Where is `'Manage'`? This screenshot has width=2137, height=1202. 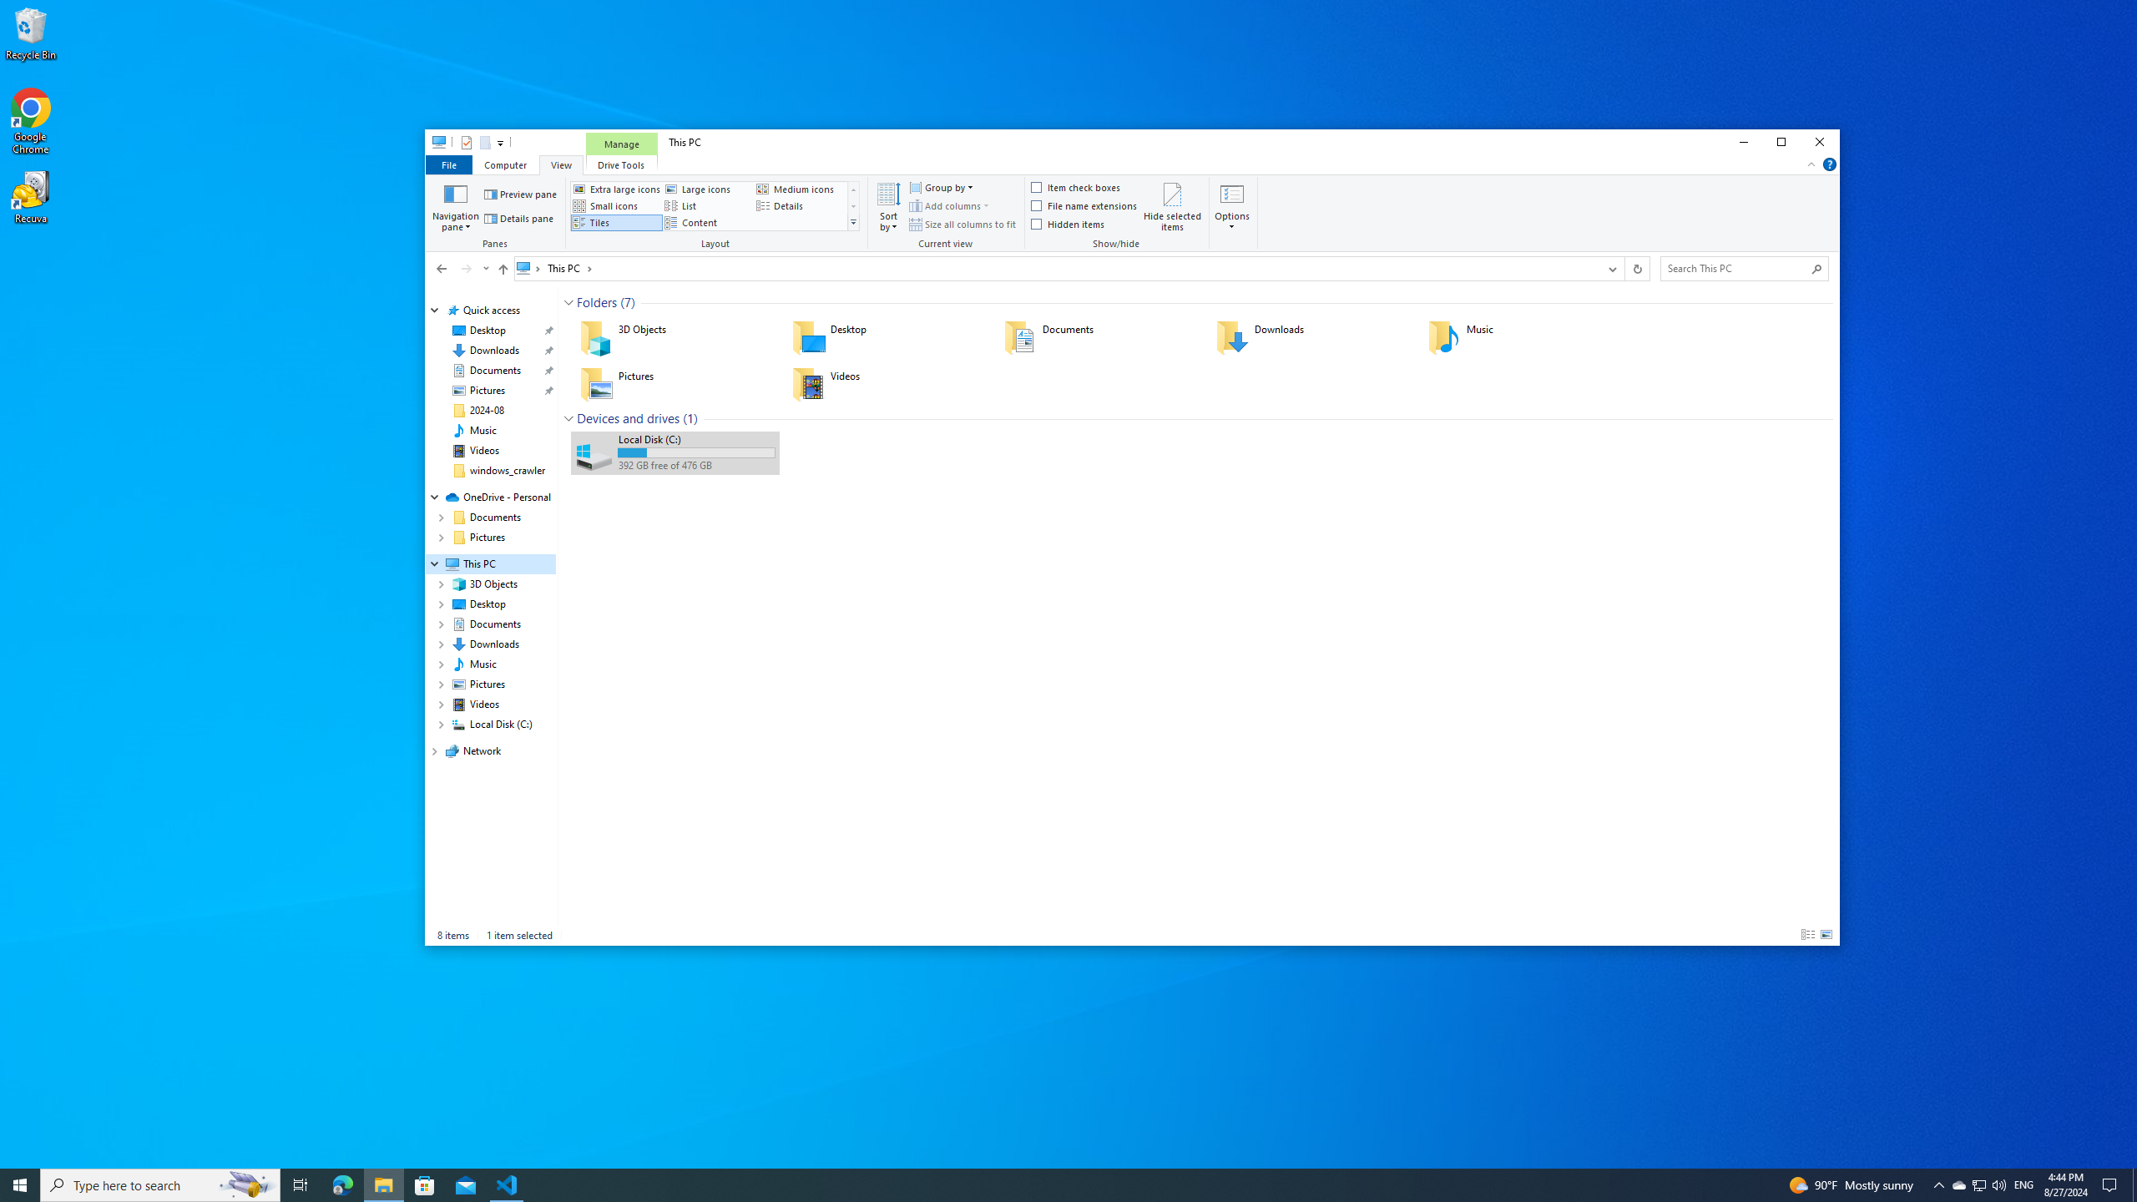
'Manage' is located at coordinates (620, 144).